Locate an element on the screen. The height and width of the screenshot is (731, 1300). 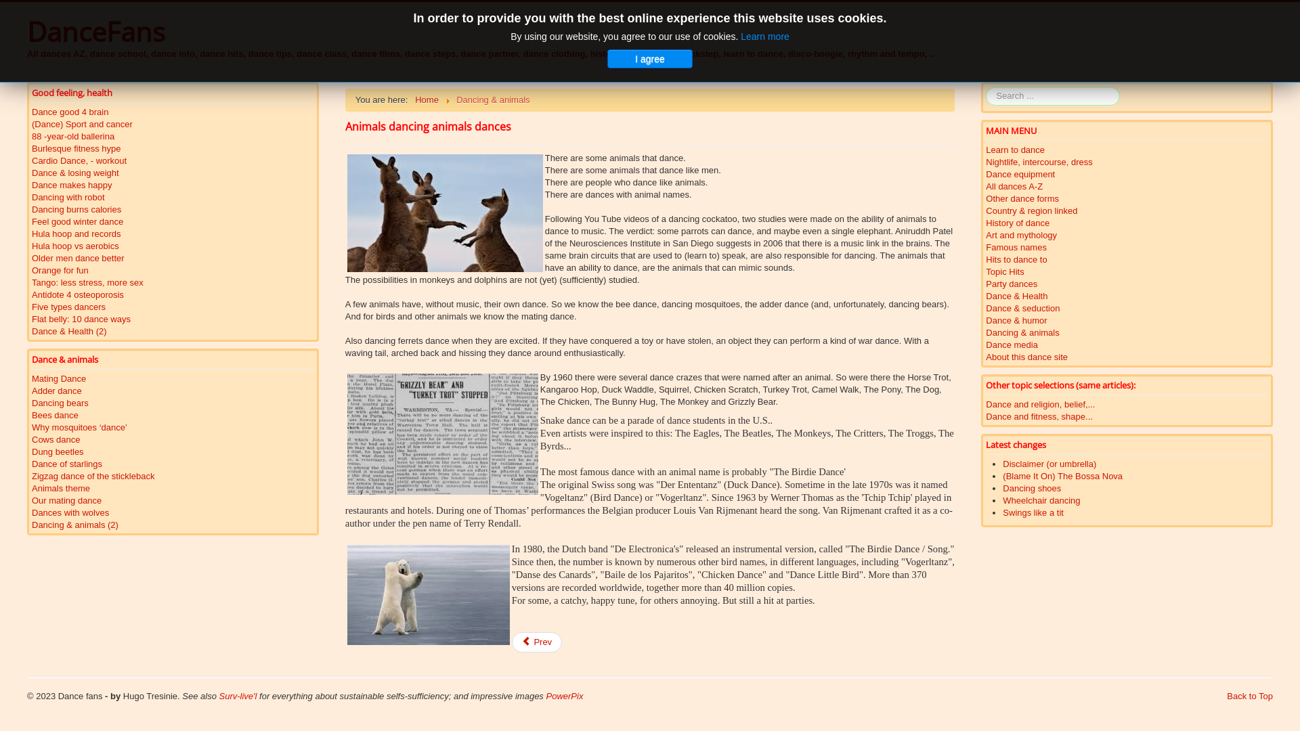
'Hits to dance to' is located at coordinates (985, 260).